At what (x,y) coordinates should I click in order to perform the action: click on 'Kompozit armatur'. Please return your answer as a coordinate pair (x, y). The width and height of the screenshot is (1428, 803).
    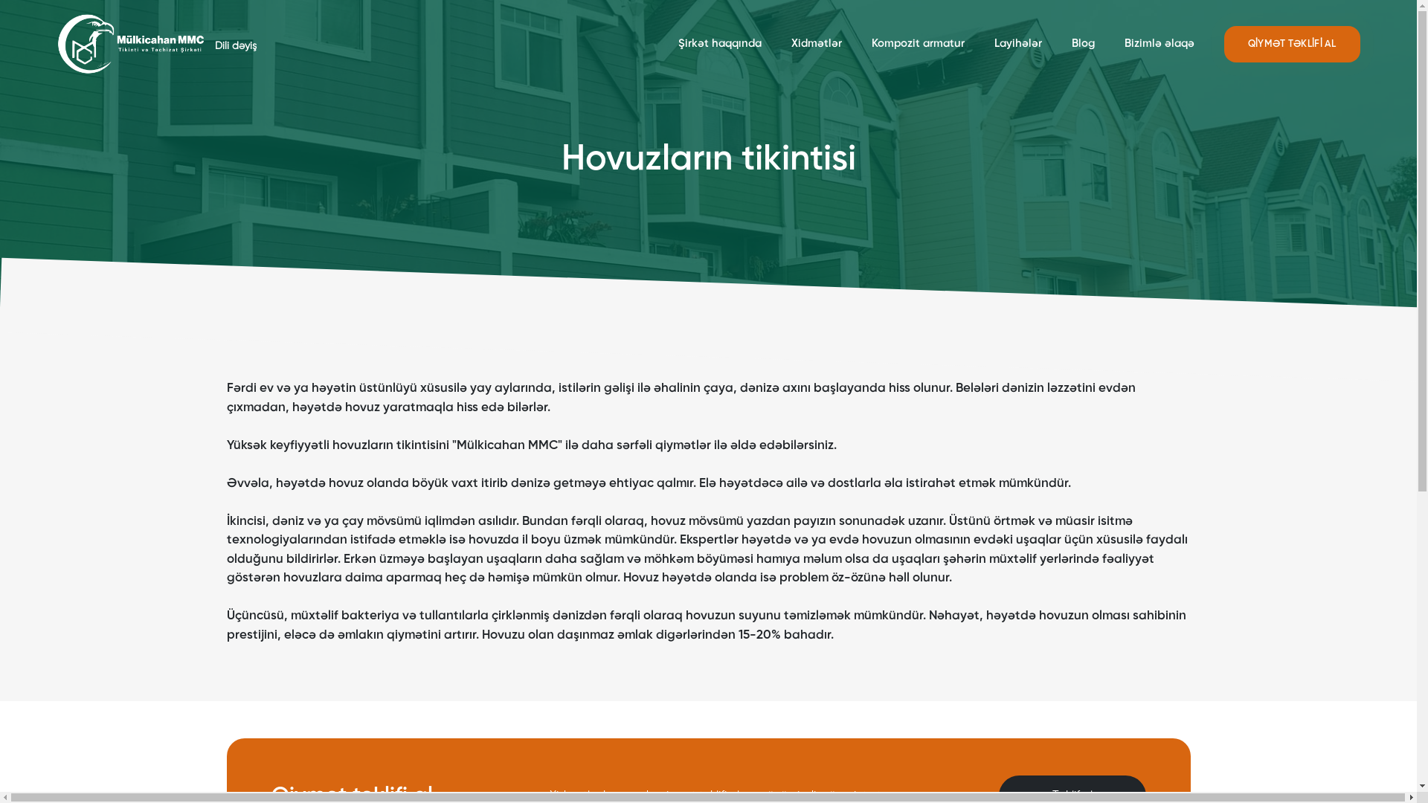
    Looking at the image, I should click on (917, 42).